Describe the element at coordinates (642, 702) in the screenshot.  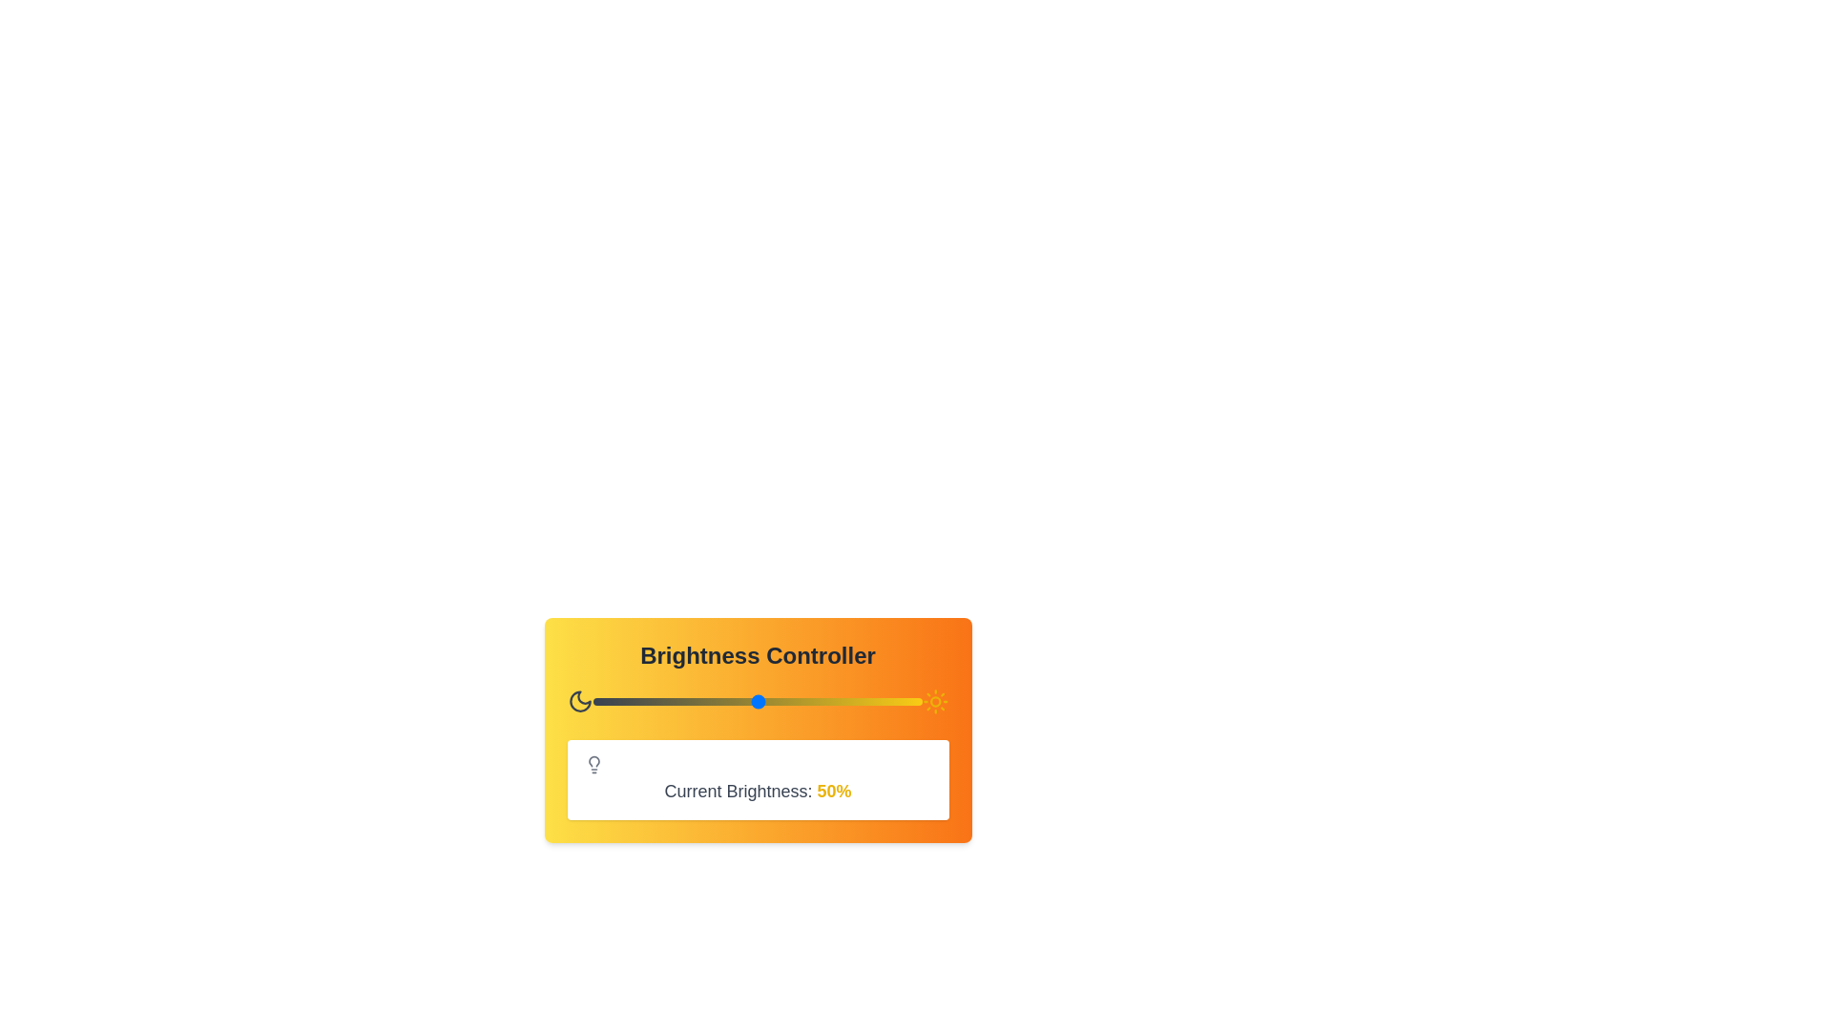
I see `the brightness level to 15% by interacting with the slider` at that location.